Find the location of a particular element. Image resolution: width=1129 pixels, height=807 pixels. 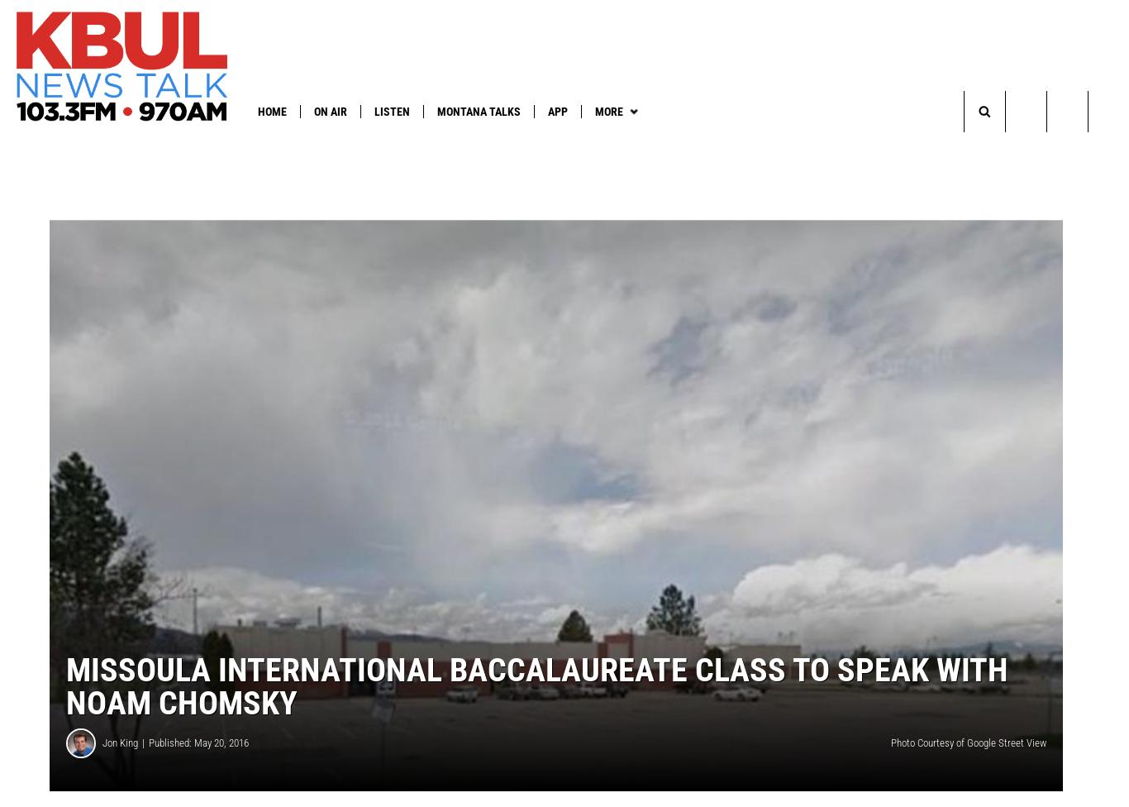

'App' is located at coordinates (556, 110).